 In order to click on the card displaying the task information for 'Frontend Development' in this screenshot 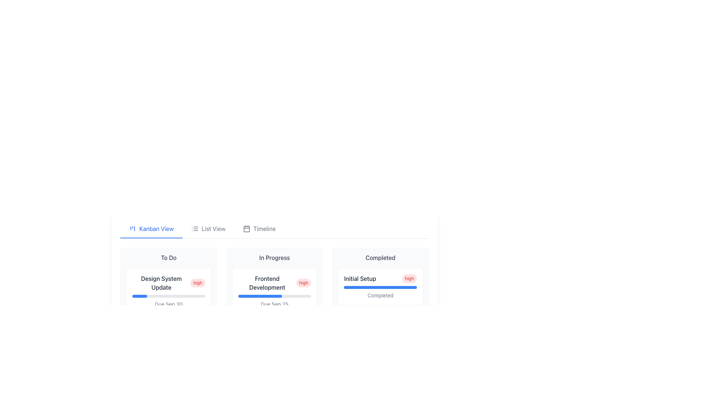, I will do `click(274, 307)`.